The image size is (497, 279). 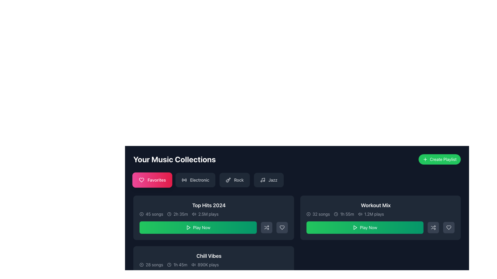 What do you see at coordinates (266, 227) in the screenshot?
I see `the shuffle button, which is a dark gray rounded rectangle with a light gray shuffle icon` at bounding box center [266, 227].